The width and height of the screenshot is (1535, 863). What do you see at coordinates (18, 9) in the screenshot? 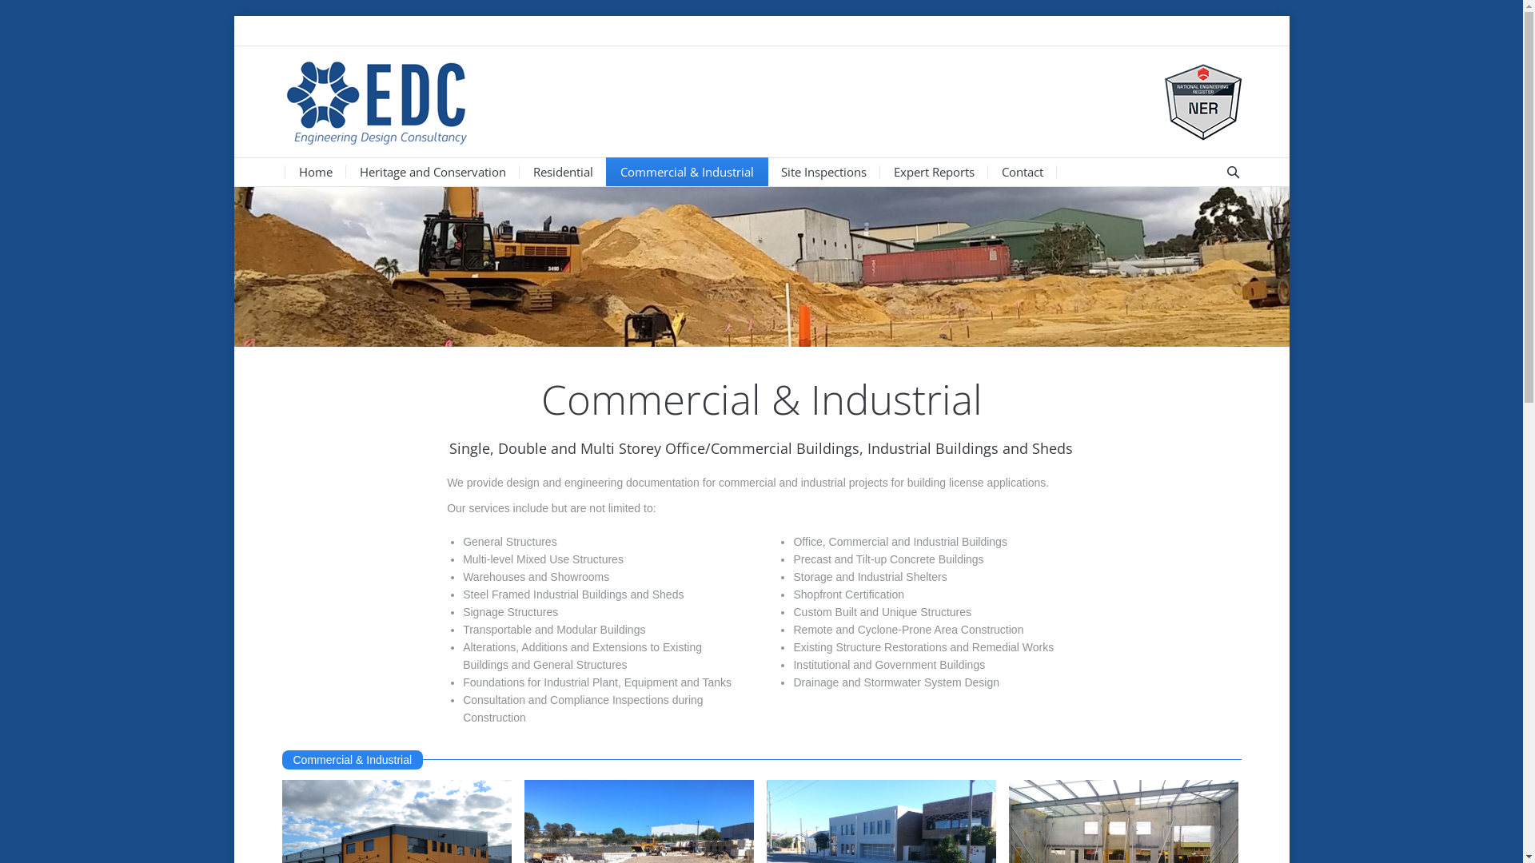
I see `'Go!'` at bounding box center [18, 9].